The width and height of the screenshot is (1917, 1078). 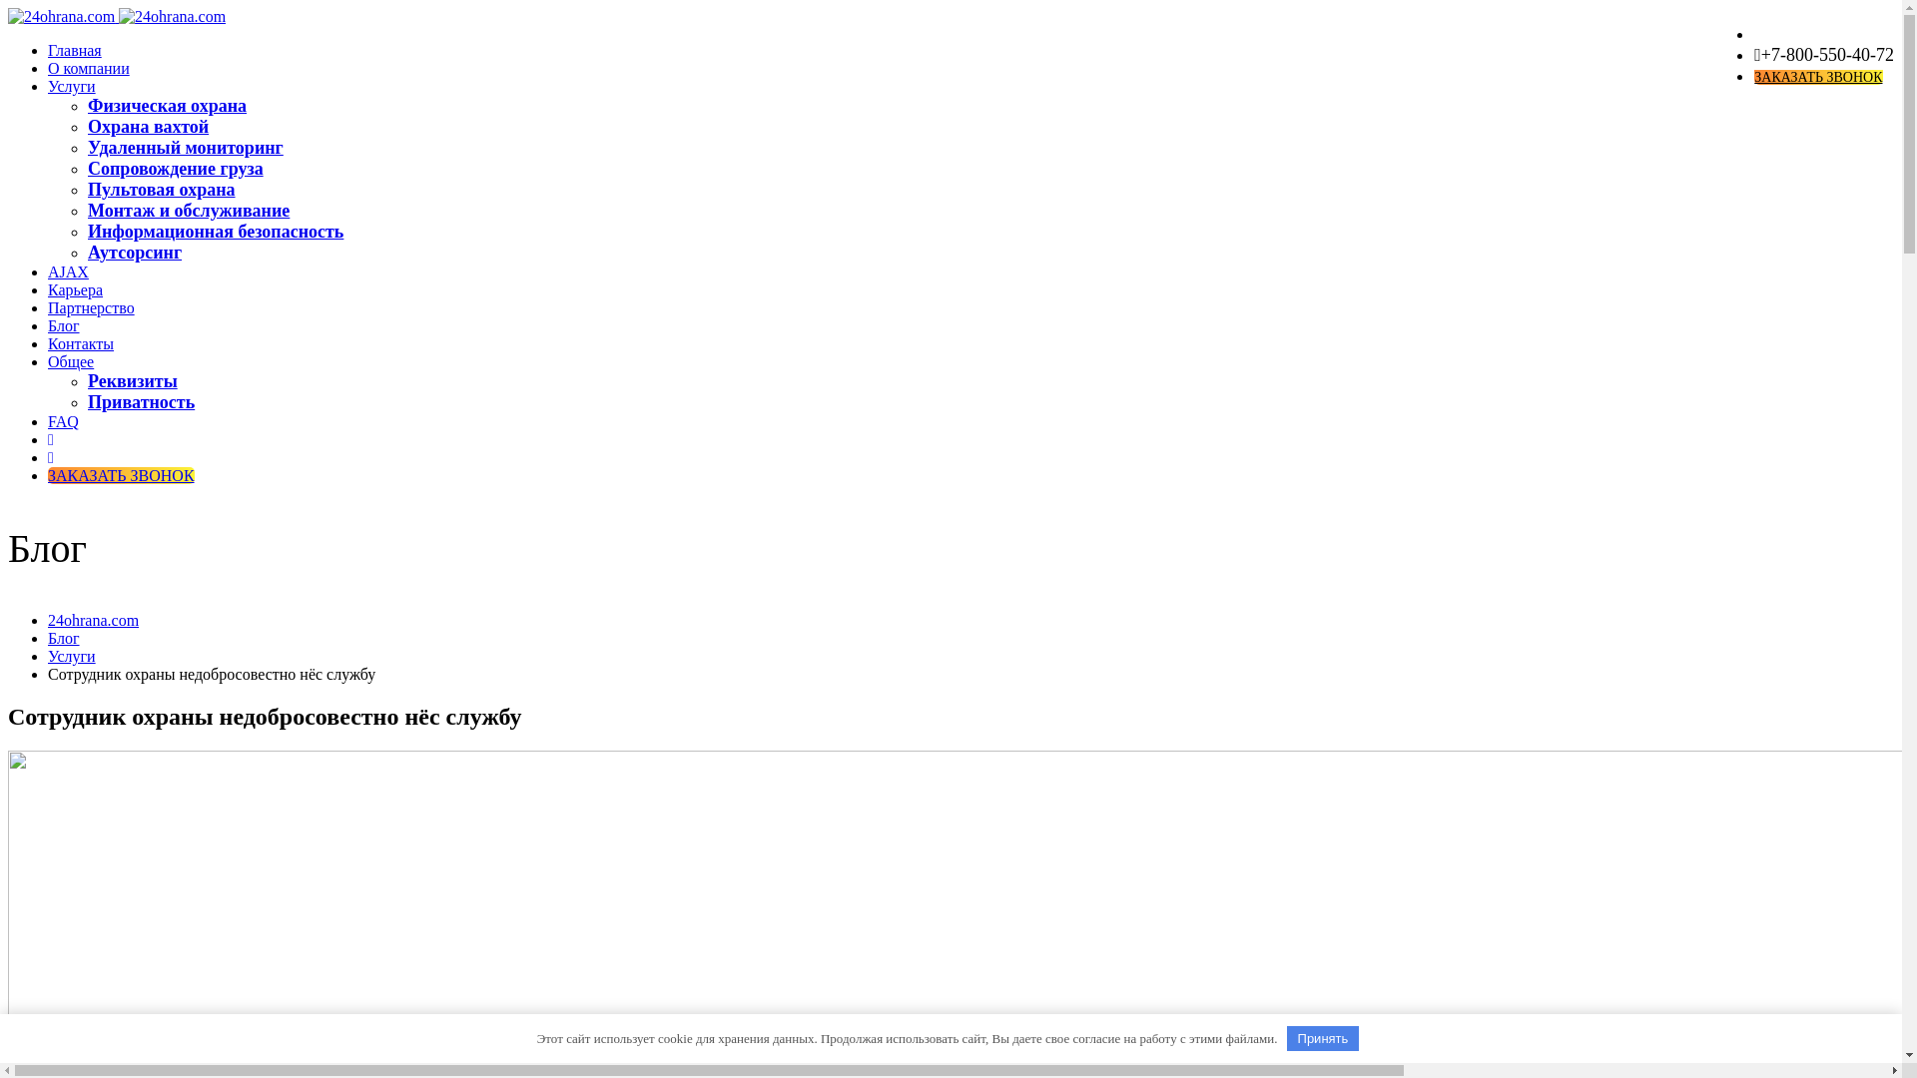 What do you see at coordinates (51, 438) in the screenshot?
I see `'Instagram'` at bounding box center [51, 438].